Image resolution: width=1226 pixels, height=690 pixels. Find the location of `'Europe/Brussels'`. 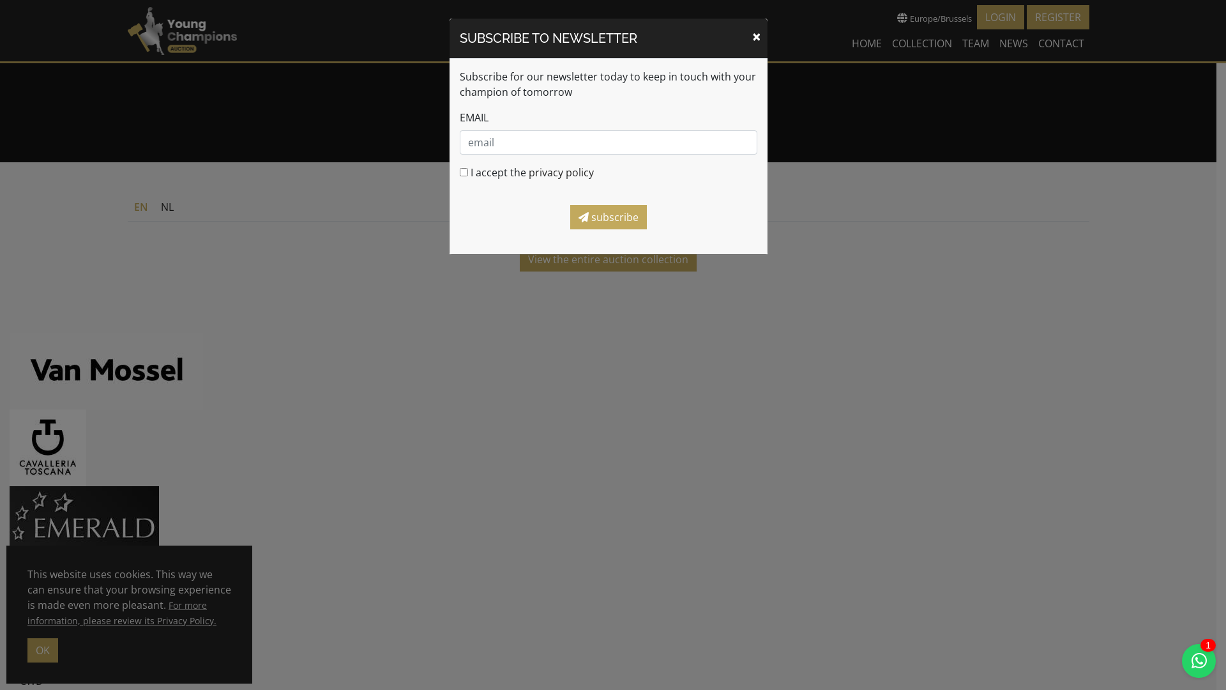

'Europe/Brussels' is located at coordinates (934, 17).